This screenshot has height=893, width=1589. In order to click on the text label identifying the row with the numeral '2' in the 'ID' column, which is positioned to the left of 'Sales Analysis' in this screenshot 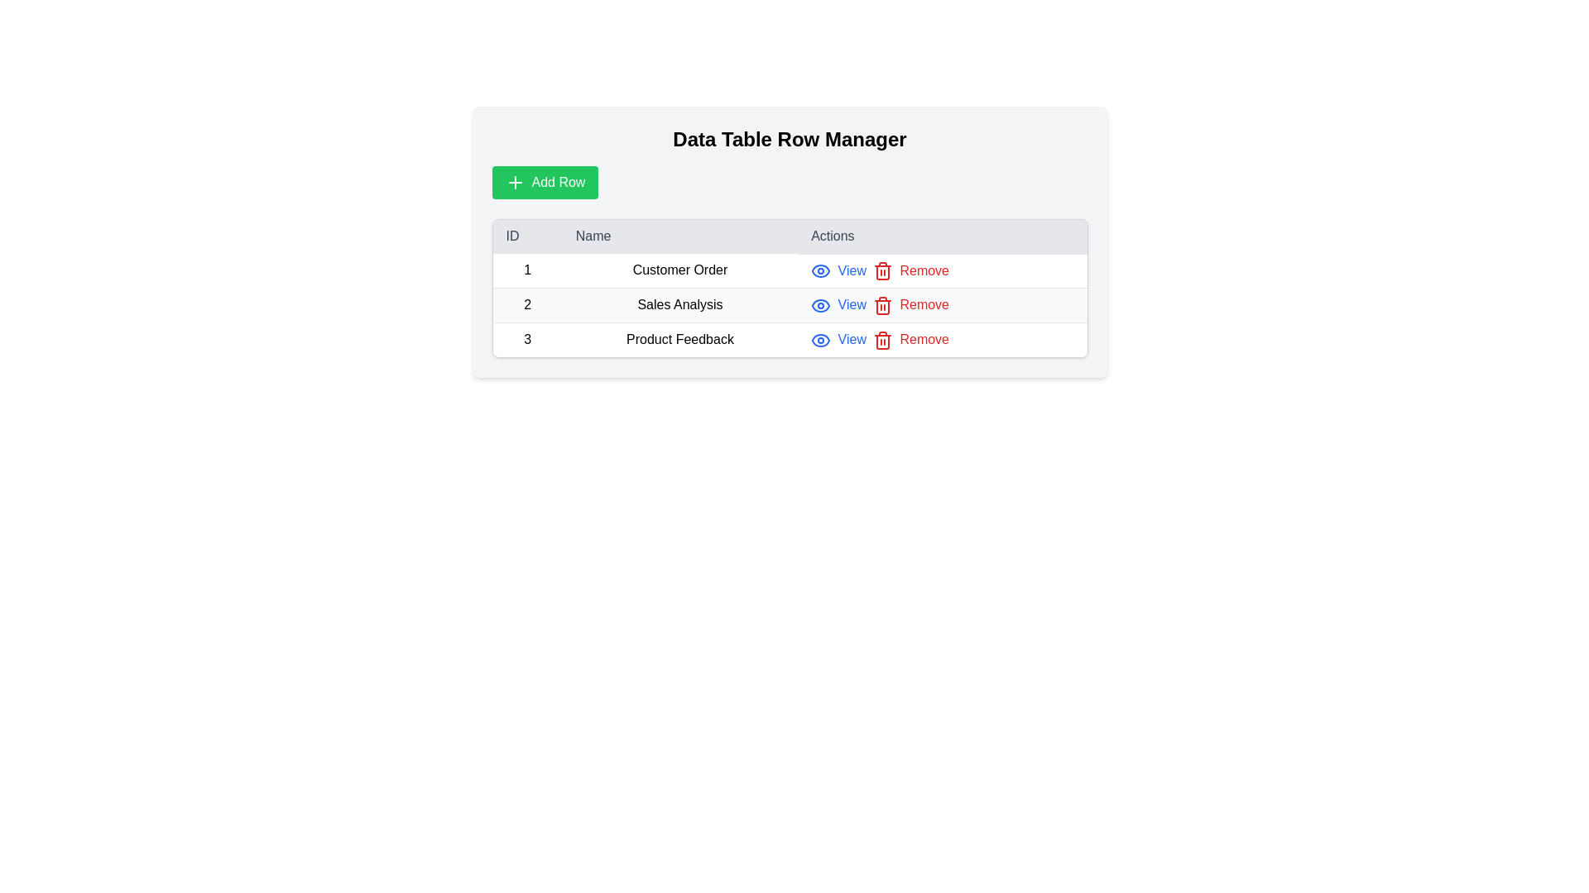, I will do `click(526, 305)`.